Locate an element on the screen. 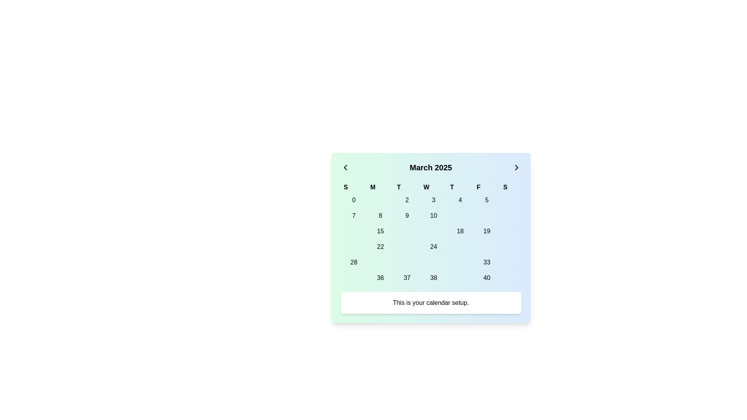 The width and height of the screenshot is (747, 420). the static text display representing the dates 7th to 10th in the second row of the calendar grid layout is located at coordinates (430, 216).